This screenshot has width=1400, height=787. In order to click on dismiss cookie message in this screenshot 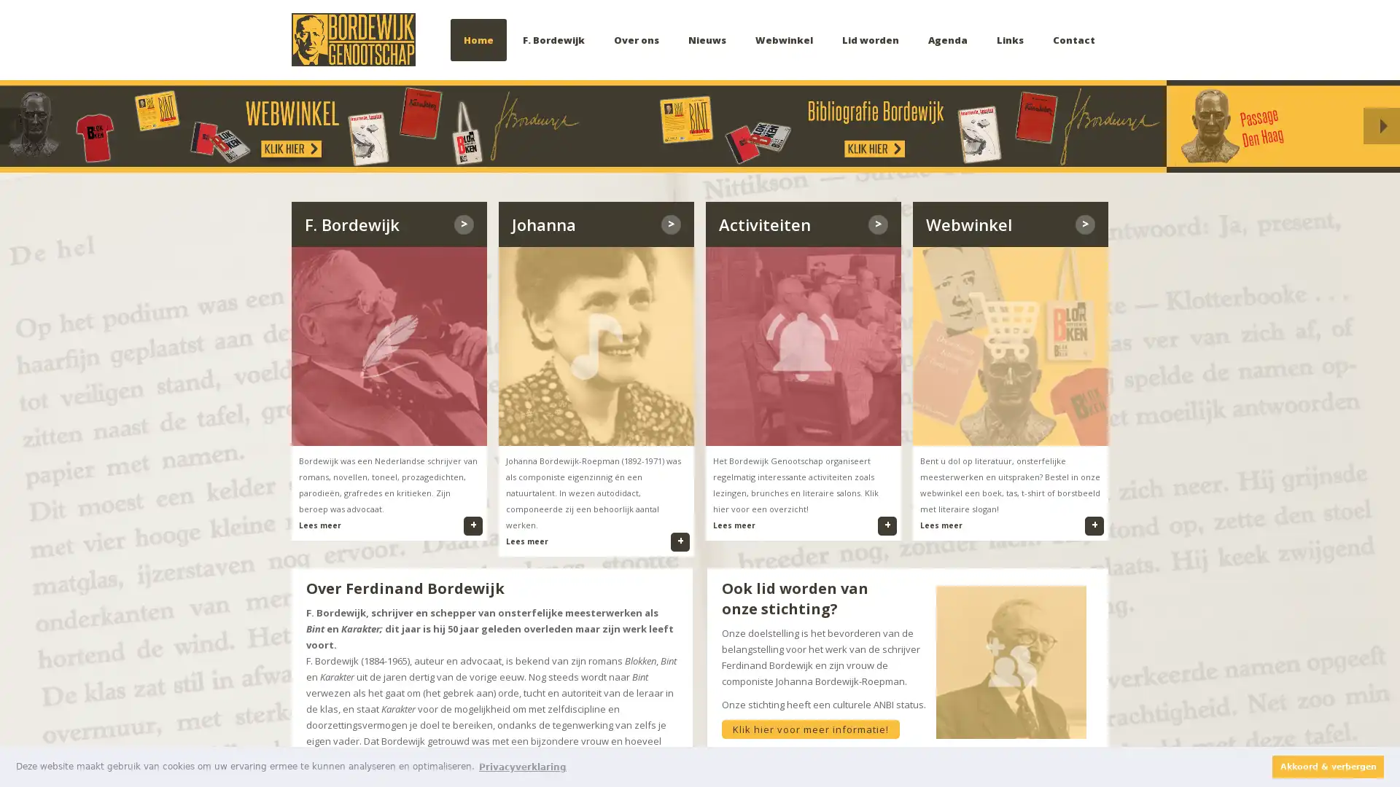, I will do `click(1328, 766)`.